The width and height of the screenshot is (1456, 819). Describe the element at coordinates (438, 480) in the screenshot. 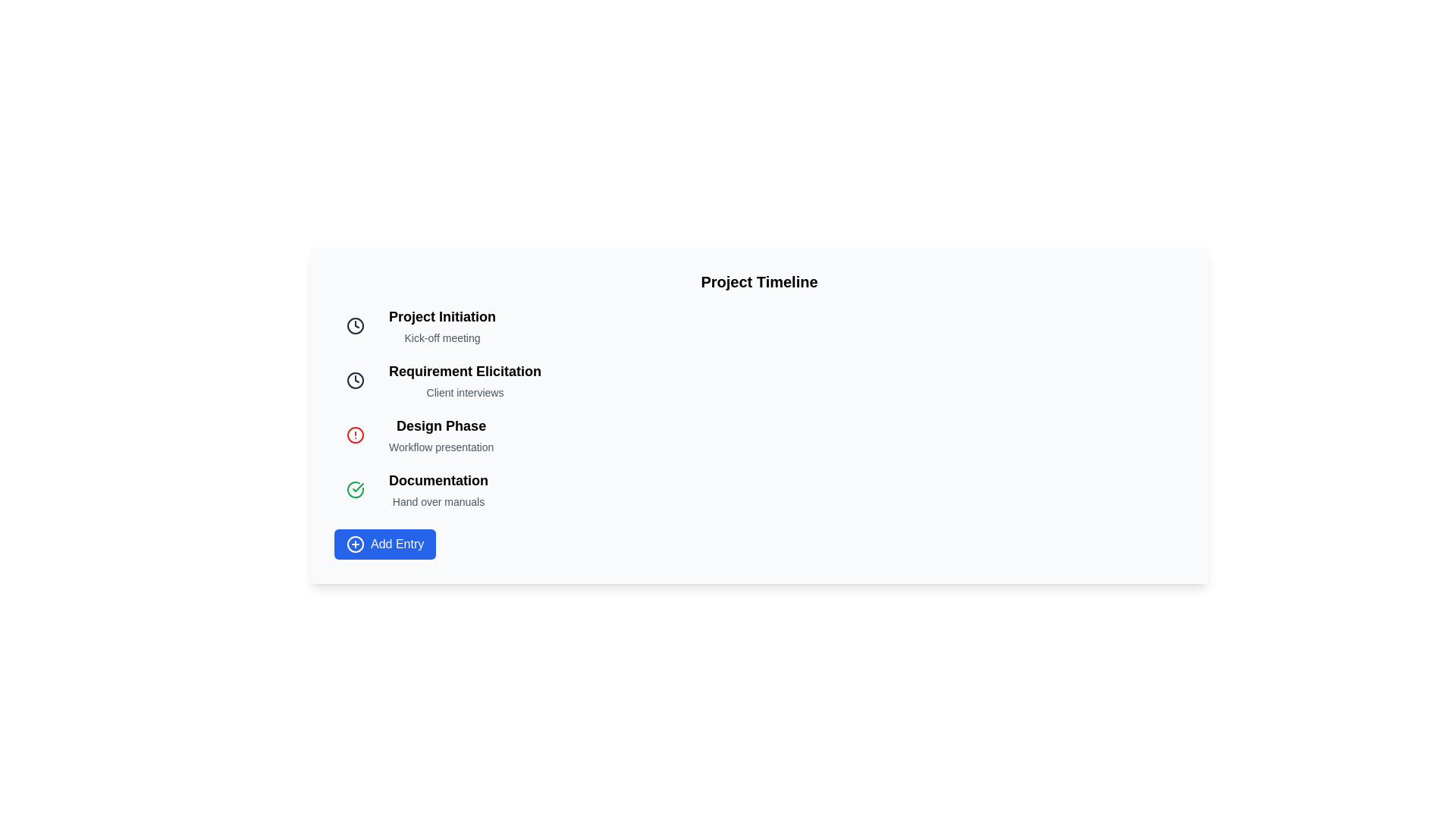

I see `the bold, black text label heading that reads 'Documentation'` at that location.